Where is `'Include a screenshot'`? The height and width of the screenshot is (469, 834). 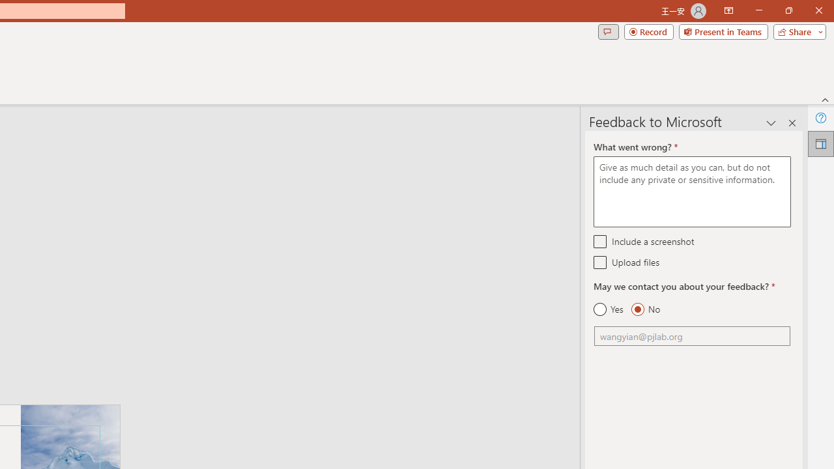
'Include a screenshot' is located at coordinates (599, 241).